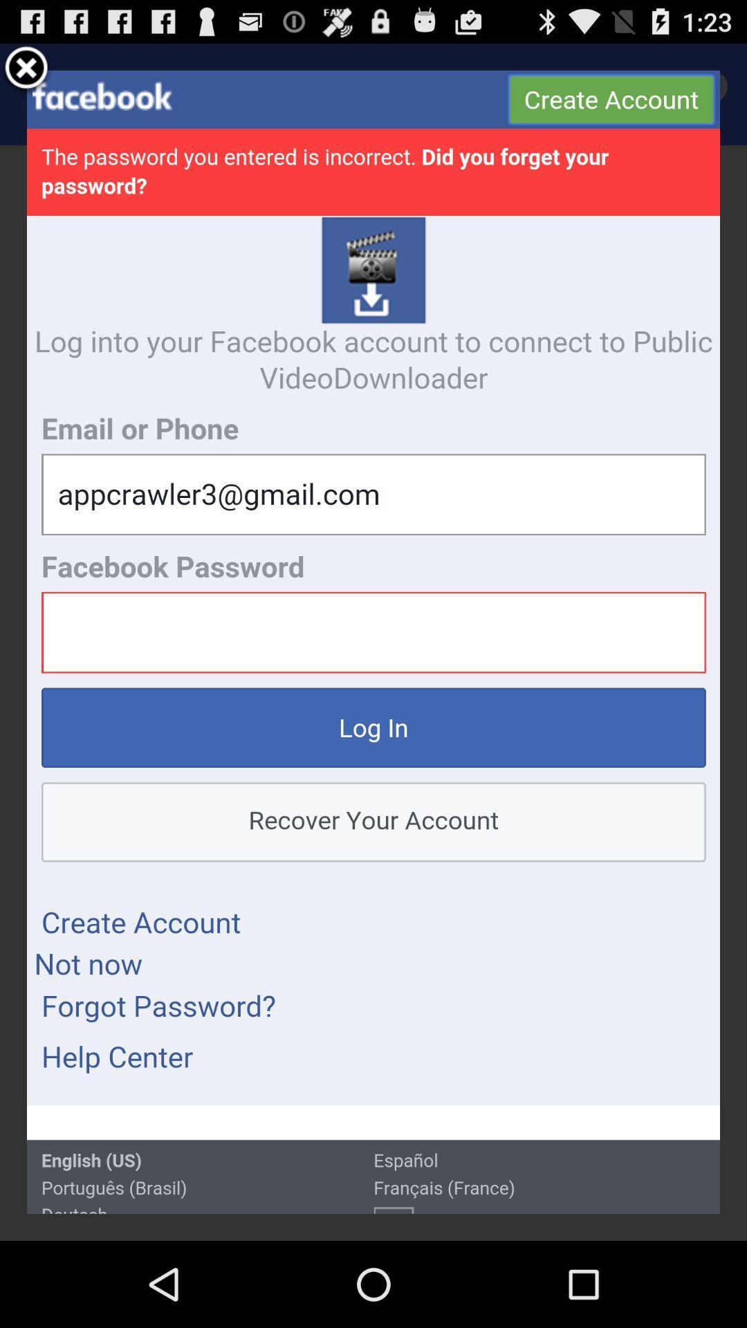 The height and width of the screenshot is (1328, 747). Describe the element at coordinates (26, 74) in the screenshot. I see `the close icon` at that location.